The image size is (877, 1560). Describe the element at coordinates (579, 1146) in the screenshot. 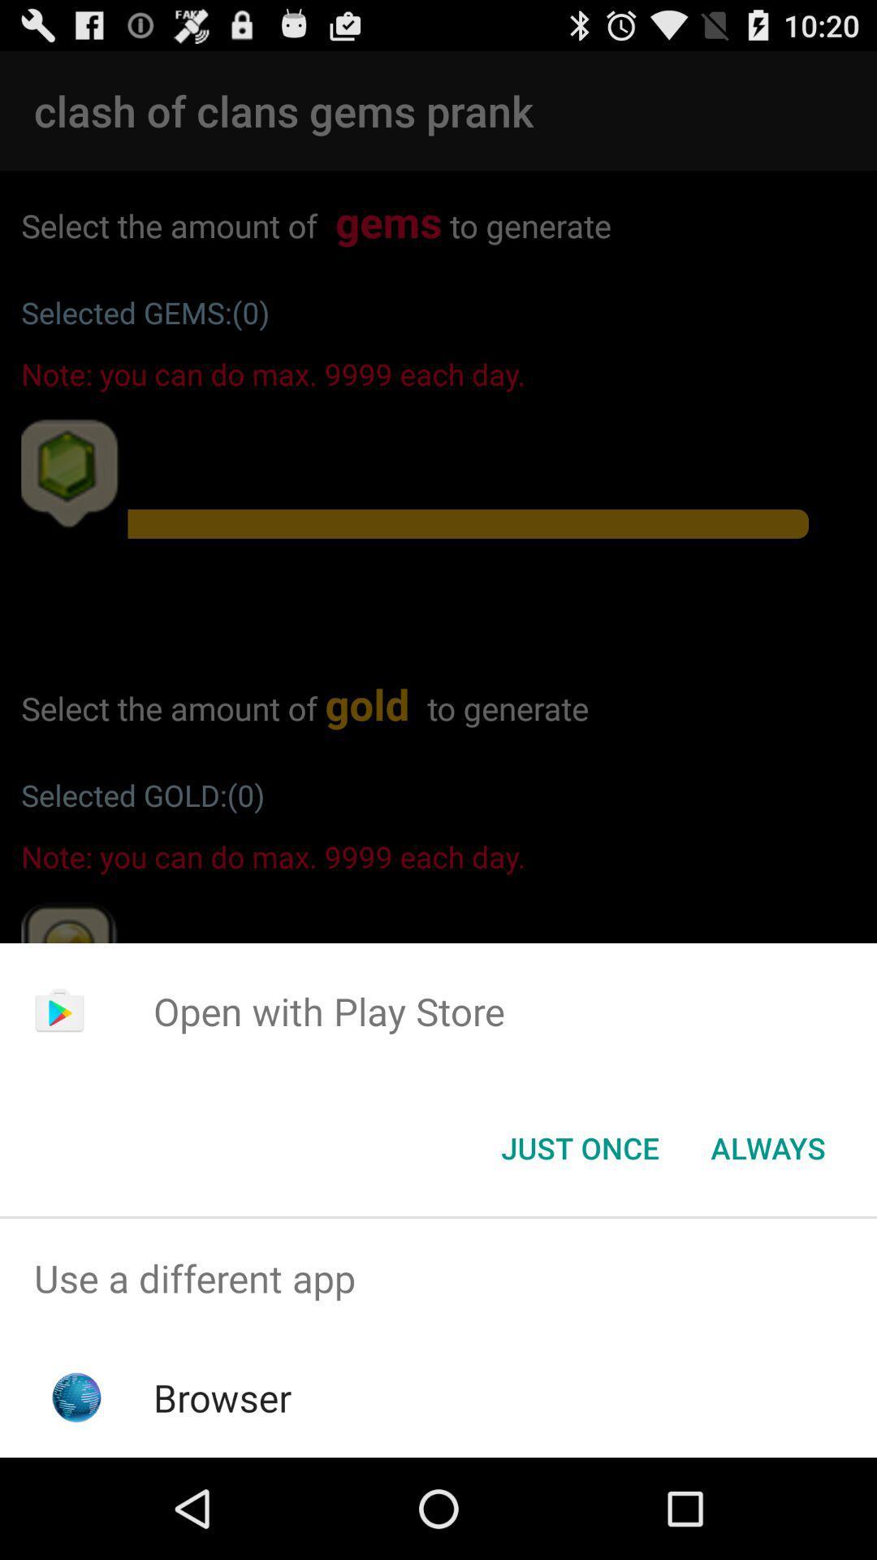

I see `just once button` at that location.